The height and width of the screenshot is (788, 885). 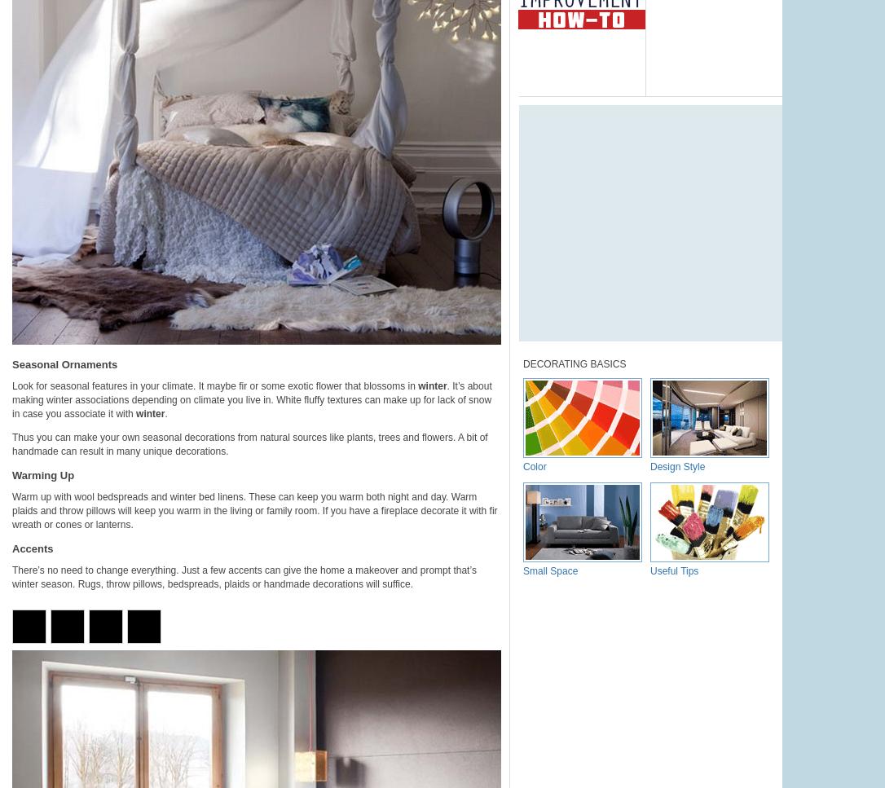 What do you see at coordinates (32, 548) in the screenshot?
I see `'Accents'` at bounding box center [32, 548].